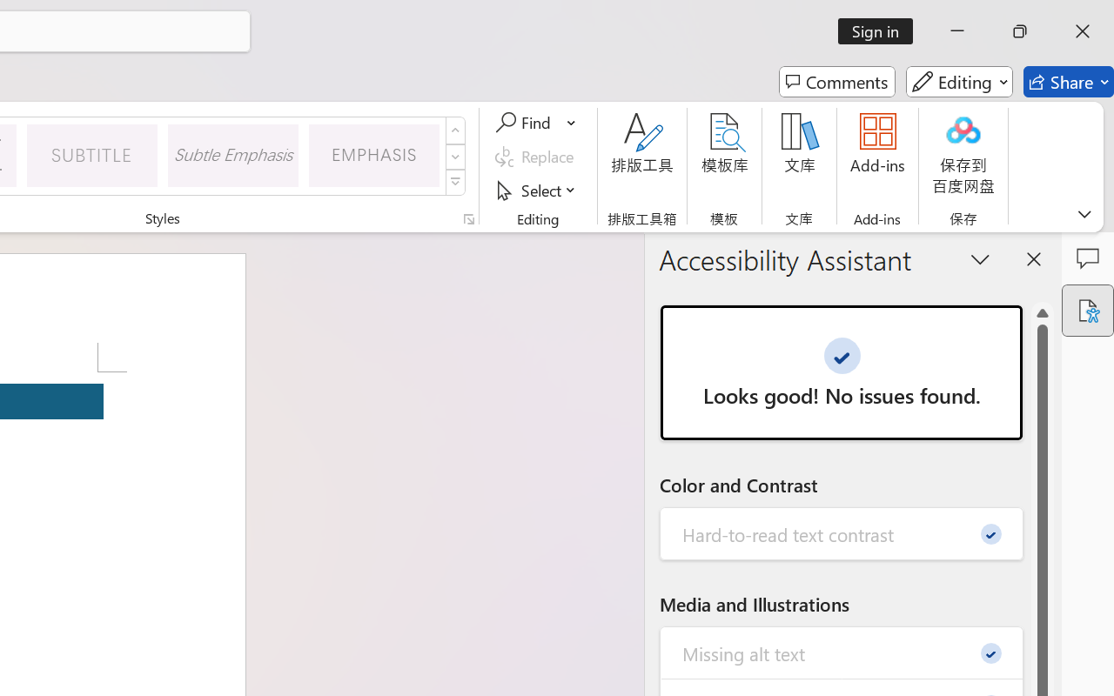  I want to click on 'Editing', so click(958, 82).